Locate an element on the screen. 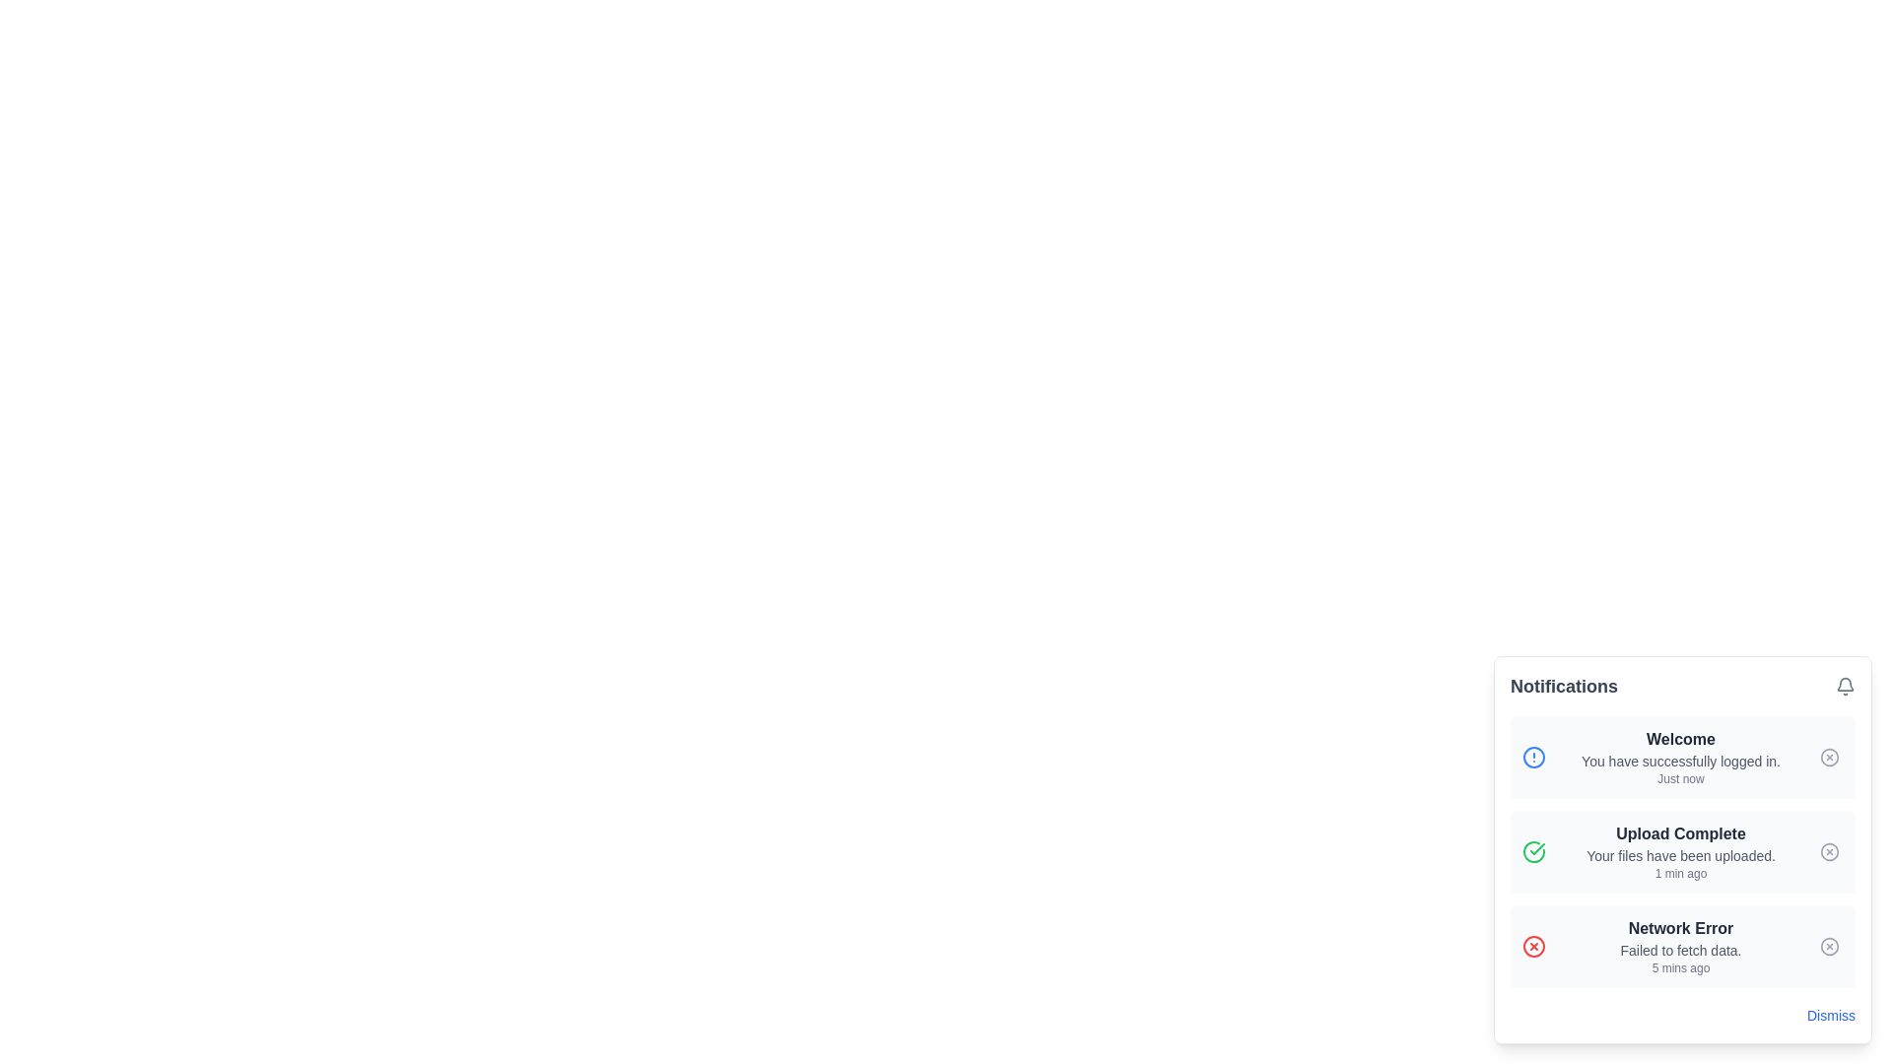 Image resolution: width=1892 pixels, height=1064 pixels. the static text element indicating a network issue, which is the title of a notification message in the third notification block of the notification panel is located at coordinates (1679, 928).